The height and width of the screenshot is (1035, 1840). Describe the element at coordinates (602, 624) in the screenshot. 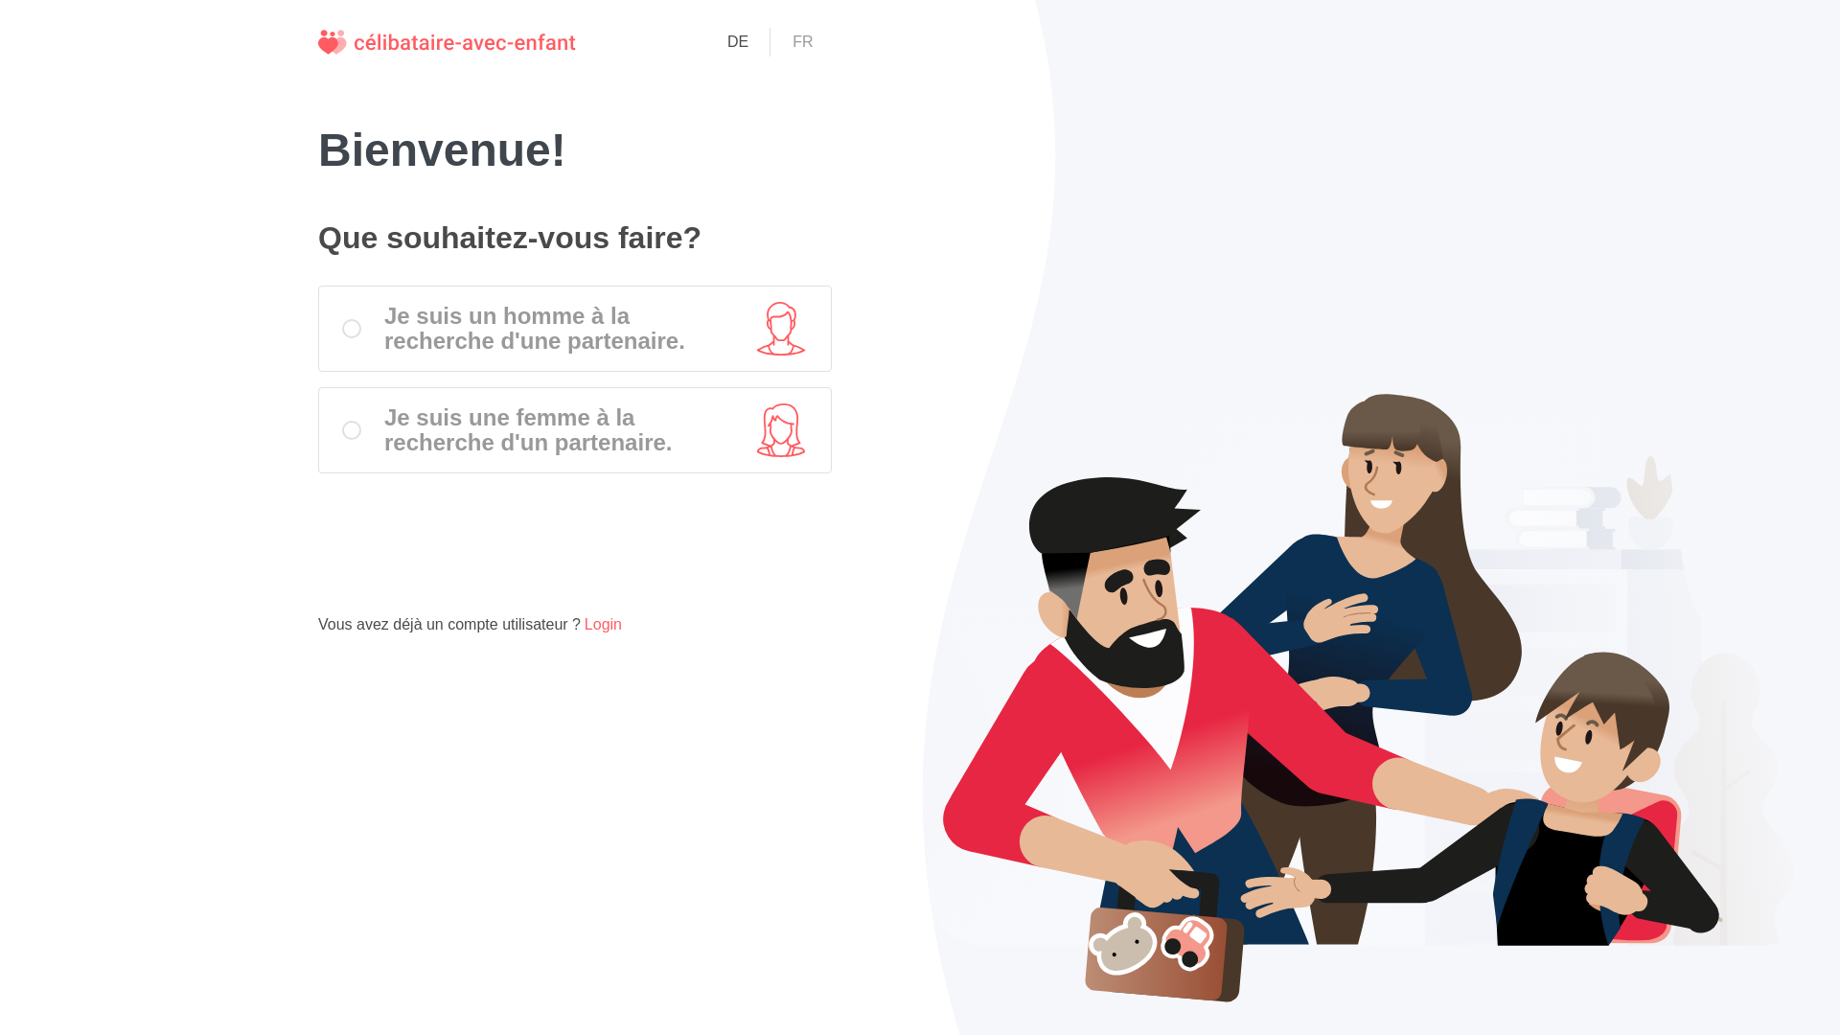

I see `'Login'` at that location.